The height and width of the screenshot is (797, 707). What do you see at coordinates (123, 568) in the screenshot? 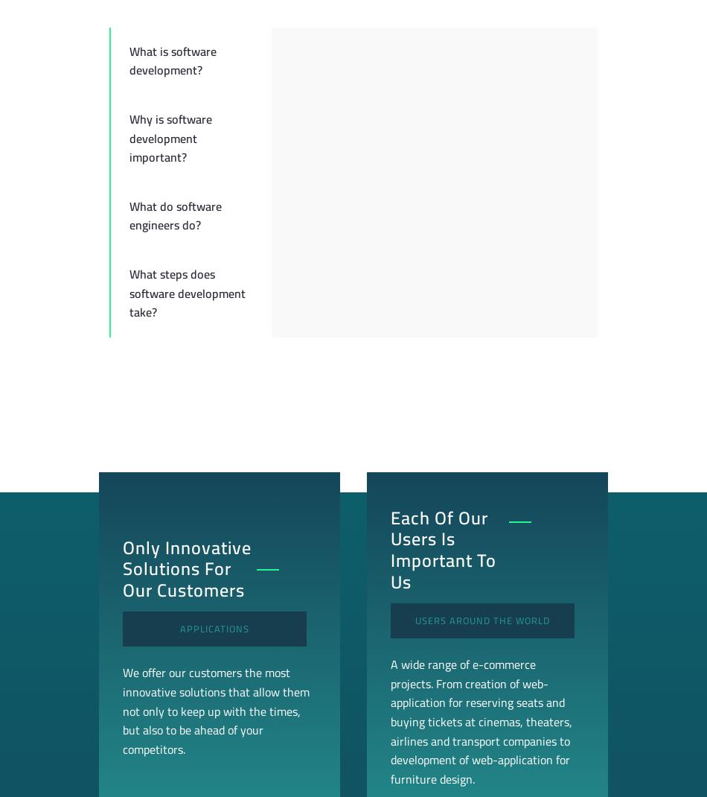
I see `'Only innovative solutions for our customers'` at bounding box center [123, 568].